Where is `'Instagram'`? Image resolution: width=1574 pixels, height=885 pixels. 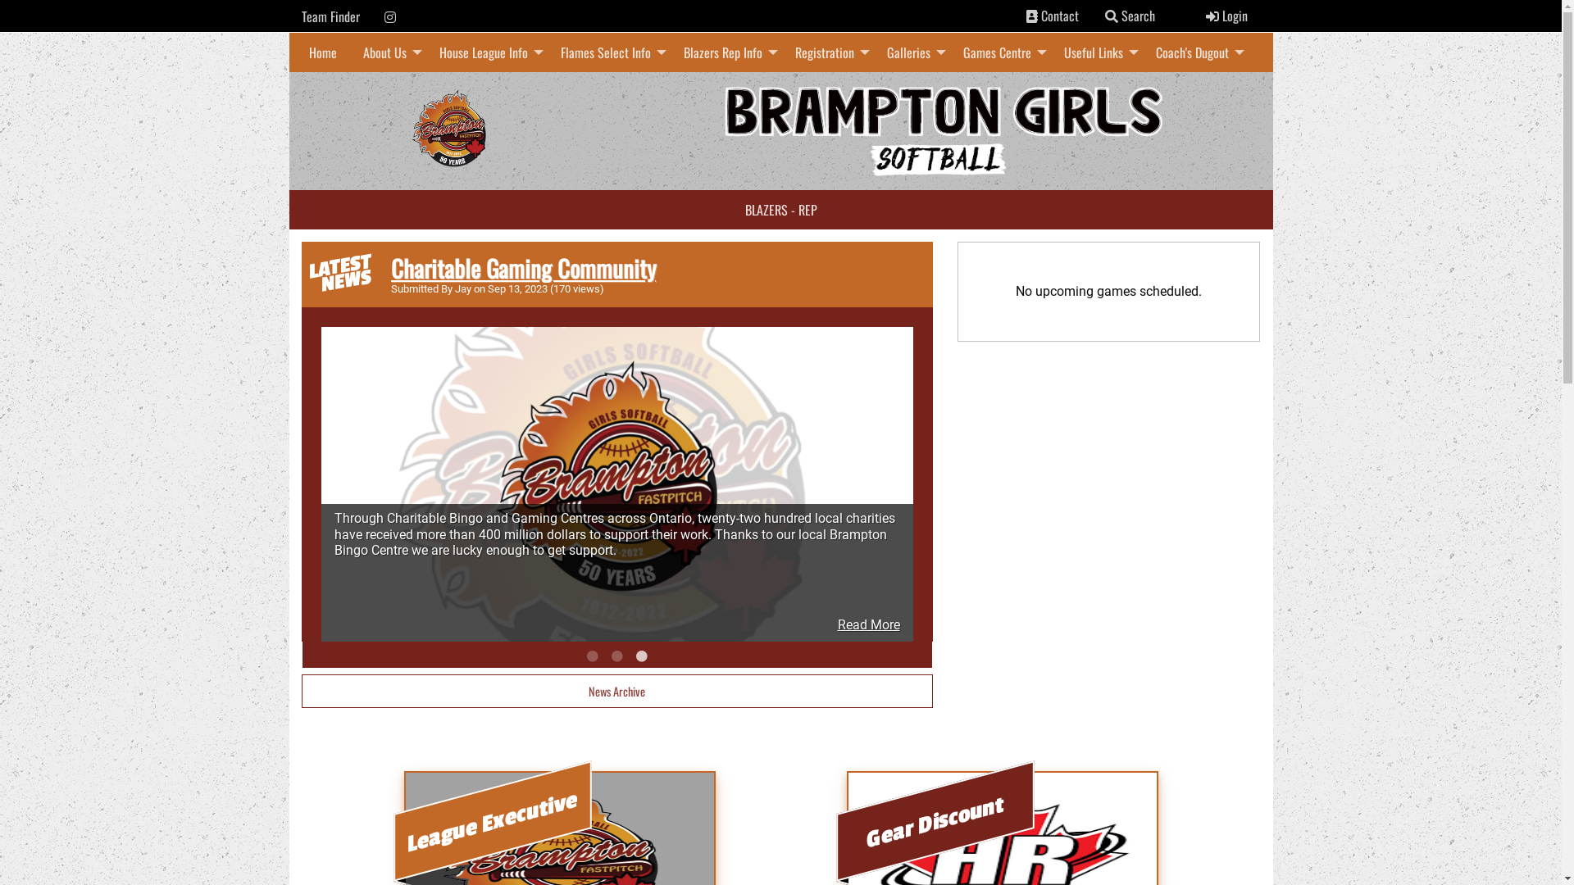
'Instagram' is located at coordinates (389, 16).